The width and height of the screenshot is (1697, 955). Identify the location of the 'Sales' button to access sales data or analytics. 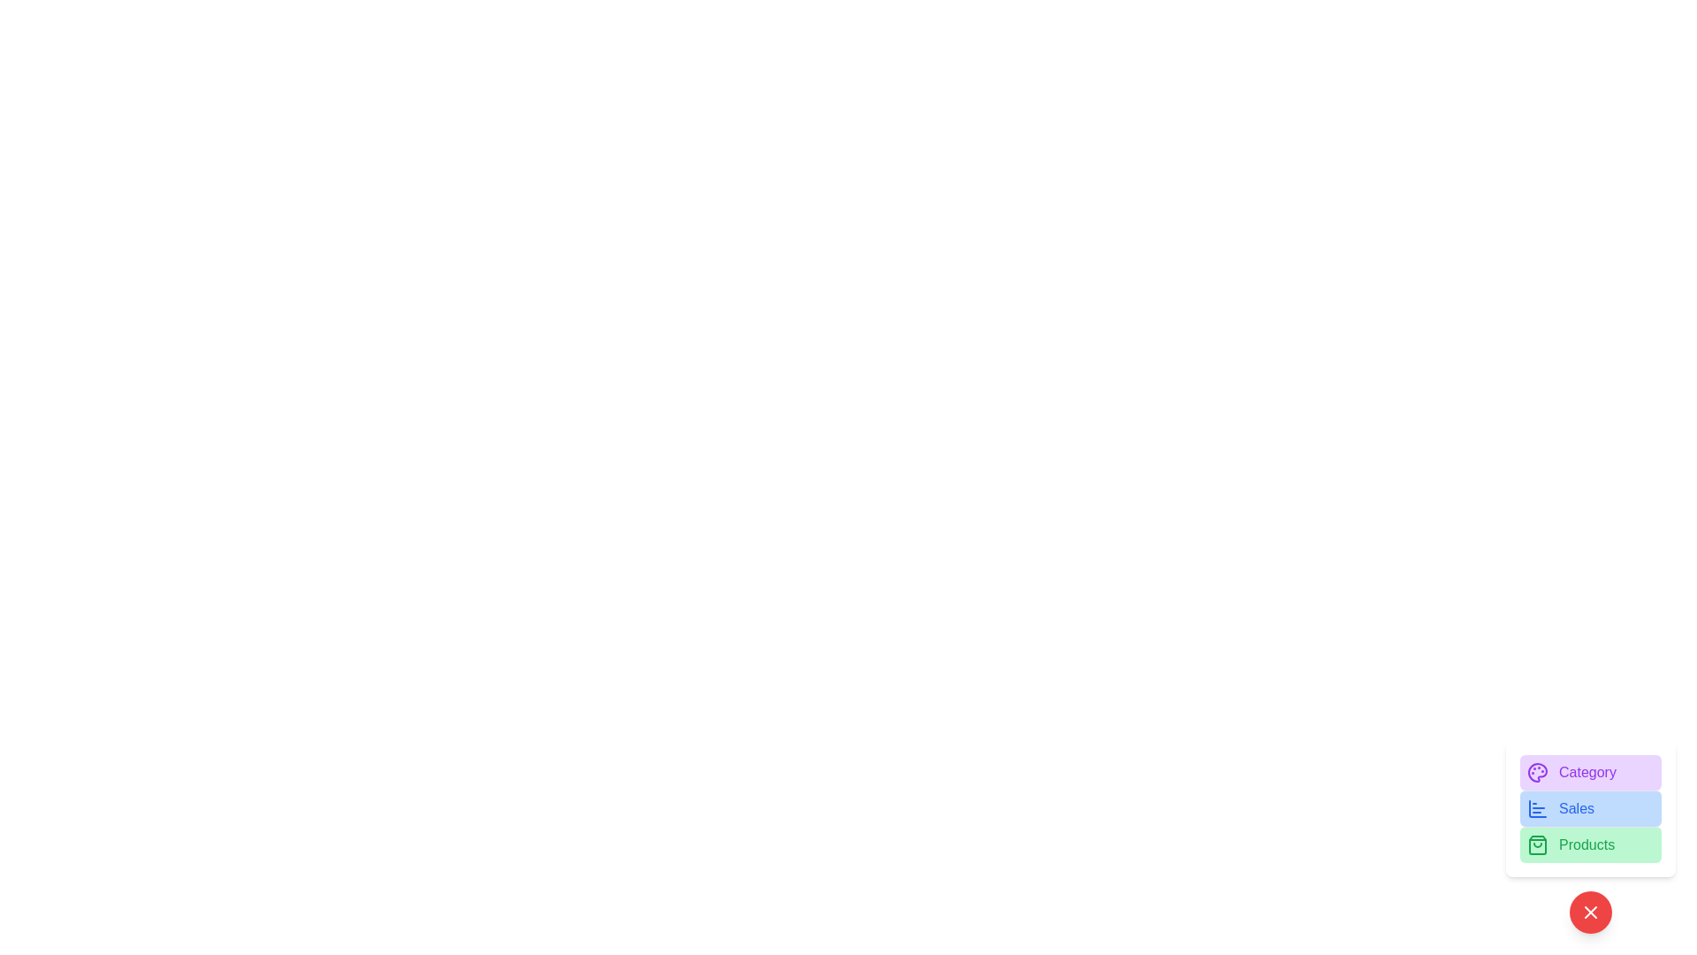
(1591, 808).